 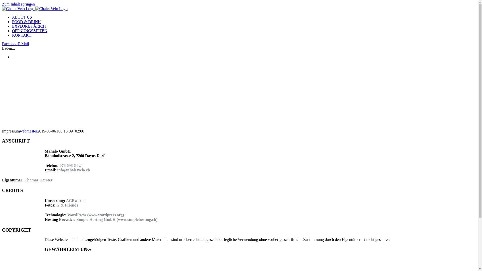 I want to click on 'KONTAKT', so click(x=21, y=35).